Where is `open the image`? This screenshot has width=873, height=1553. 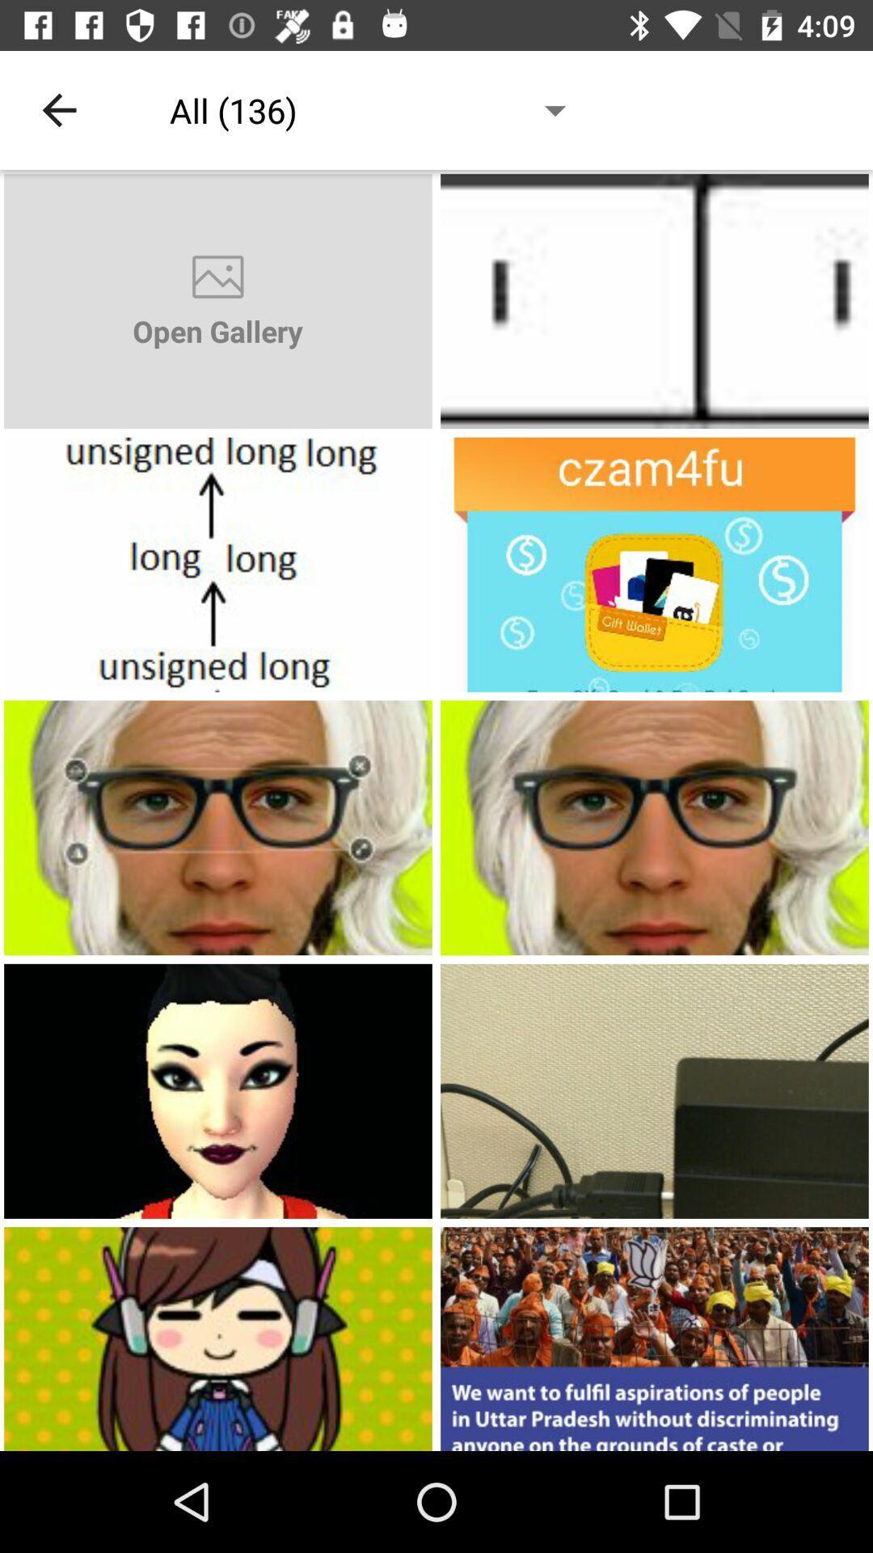 open the image is located at coordinates (655, 565).